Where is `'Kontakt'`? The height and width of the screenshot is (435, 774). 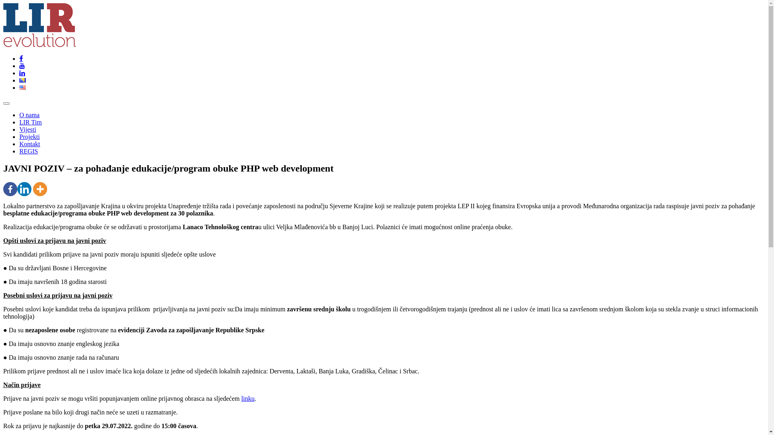 'Kontakt' is located at coordinates (29, 143).